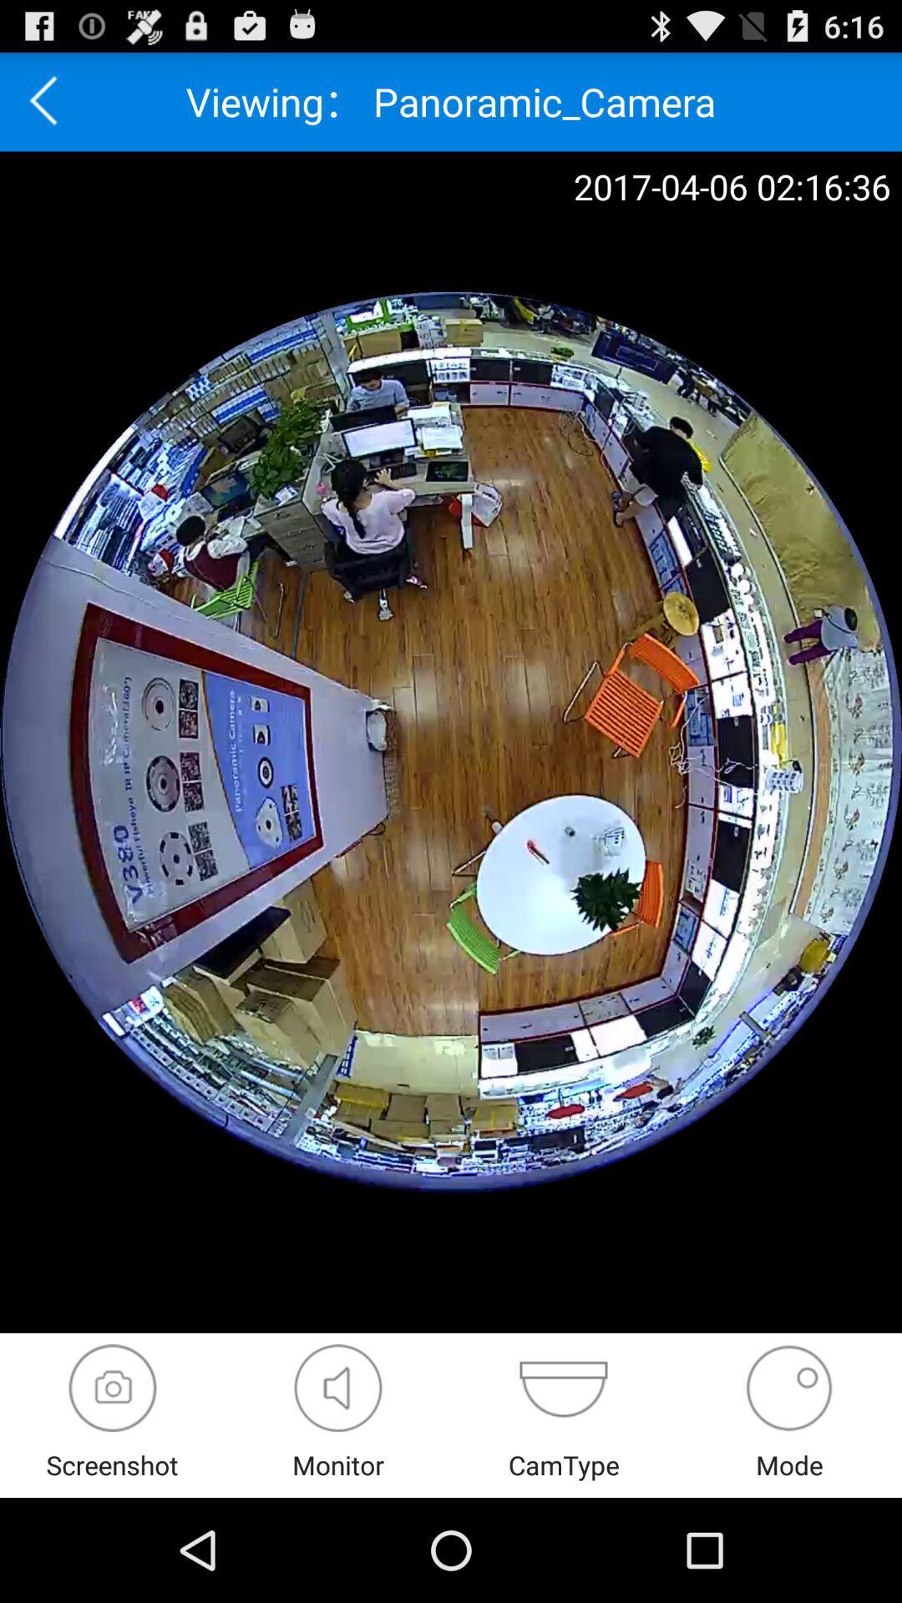 Image resolution: width=902 pixels, height=1603 pixels. I want to click on monitor, so click(338, 1388).